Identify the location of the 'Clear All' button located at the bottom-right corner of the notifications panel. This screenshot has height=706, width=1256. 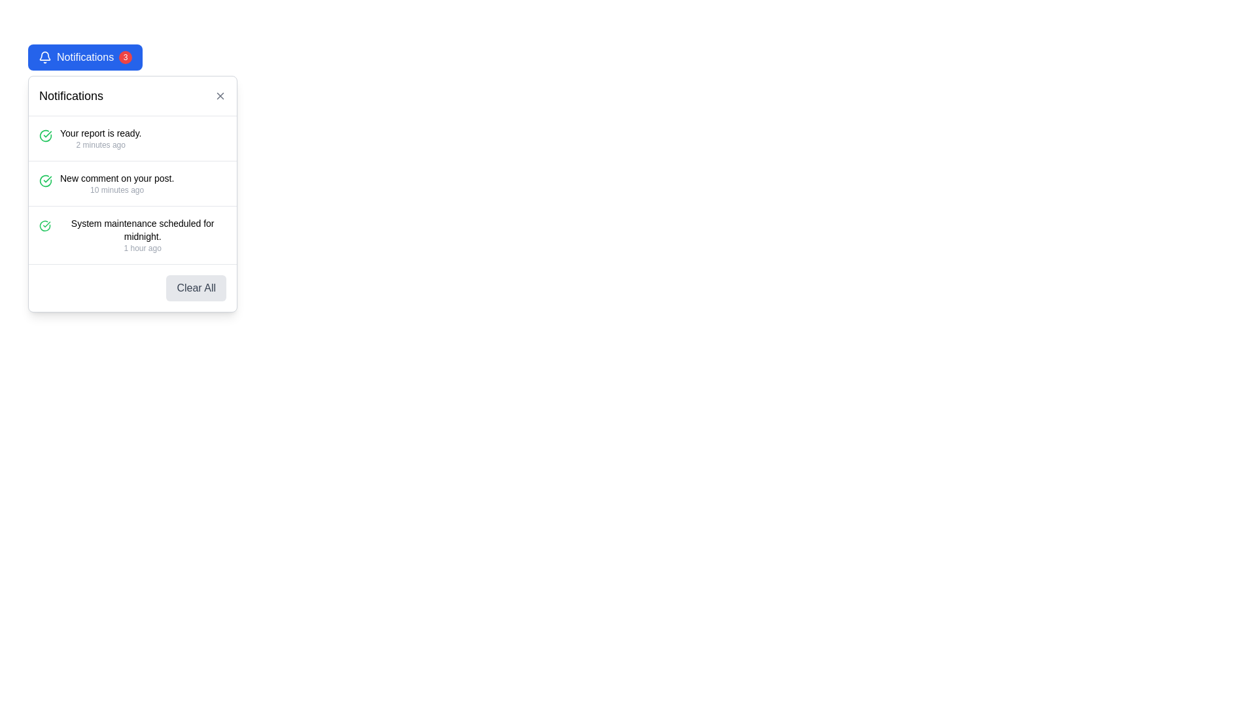
(196, 287).